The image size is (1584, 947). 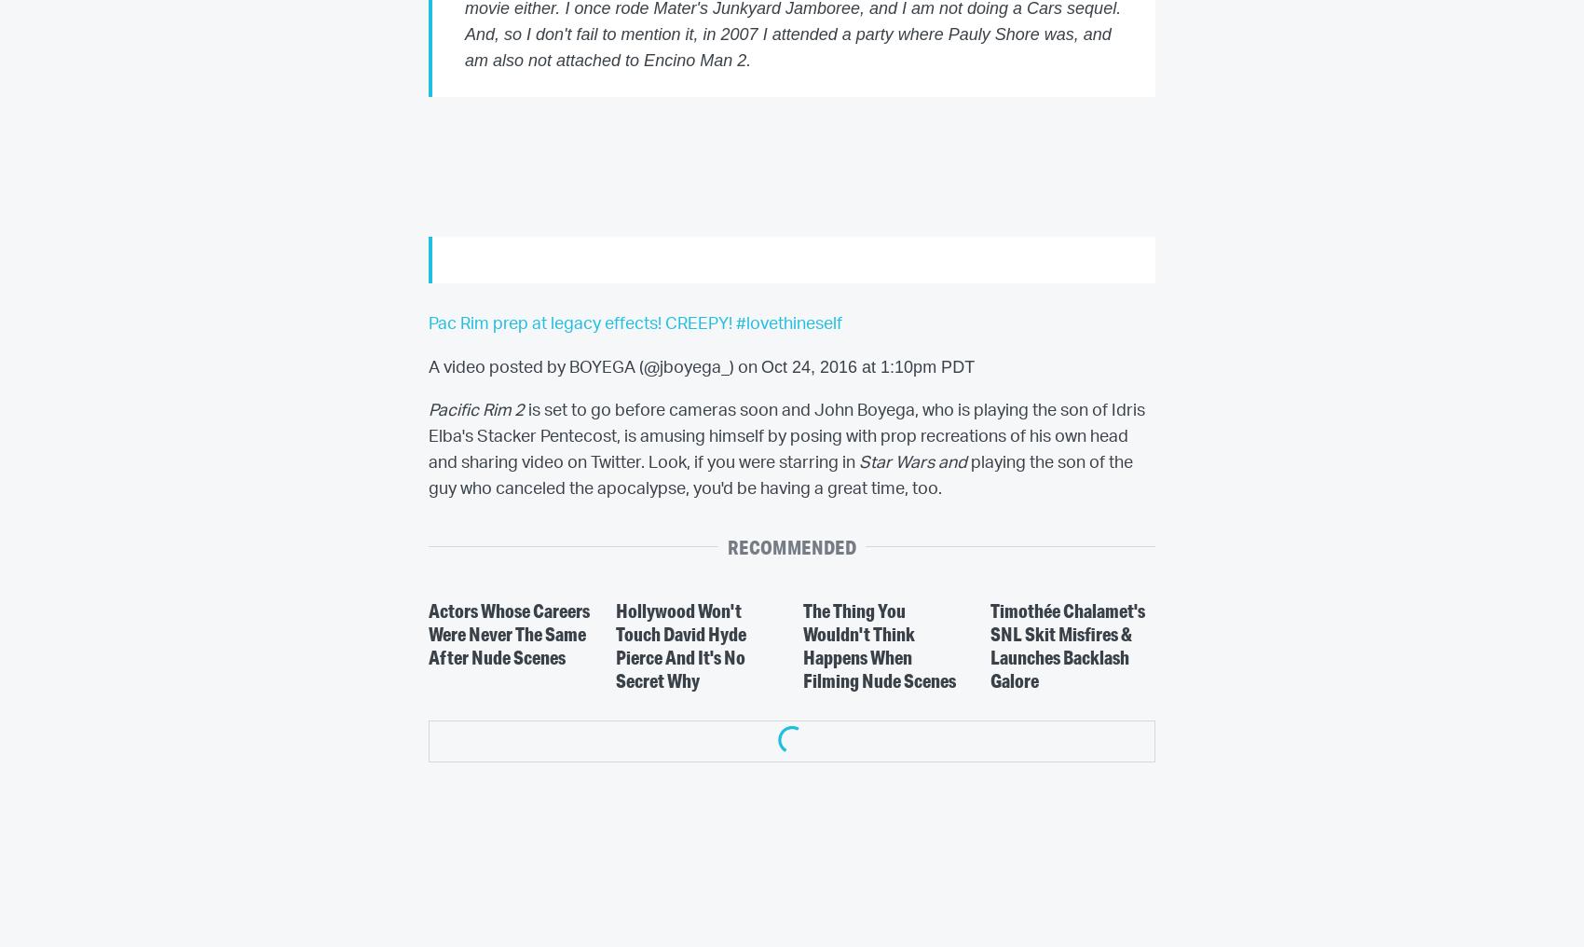 What do you see at coordinates (679, 644) in the screenshot?
I see `'Hollywood Won't Touch David Hyde Pierce And It's No Secret Why'` at bounding box center [679, 644].